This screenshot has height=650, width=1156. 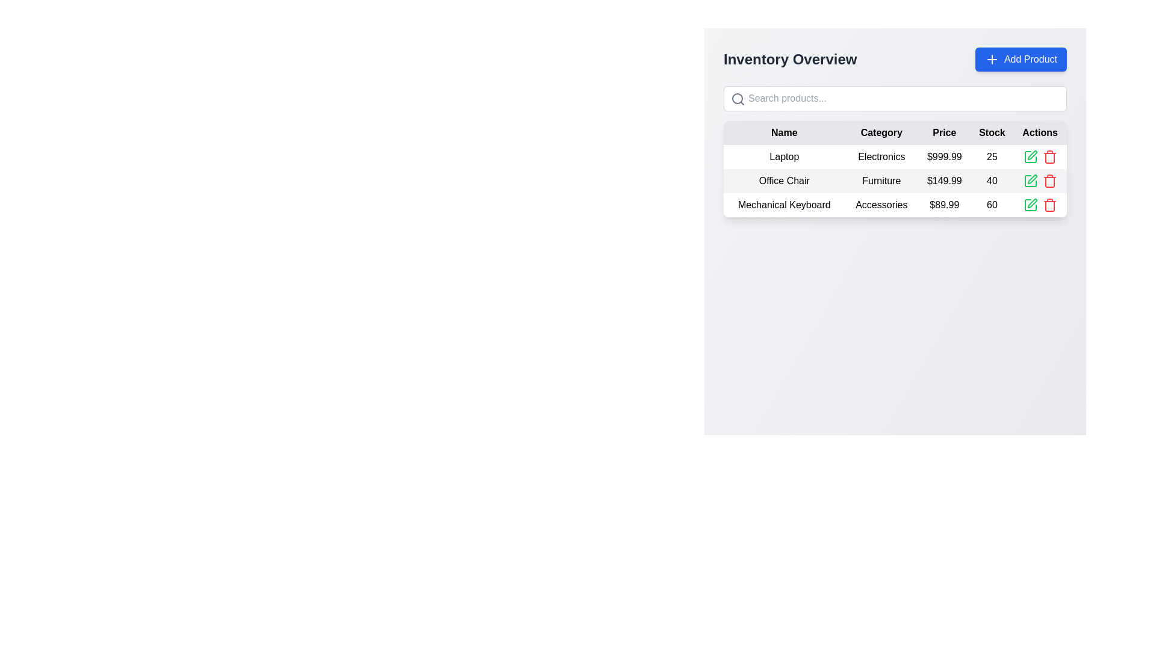 I want to click on the magnifying glass icon indicating the search functionality located inside the search bar, aligned to the left with a small margin from the edge, so click(x=737, y=99).